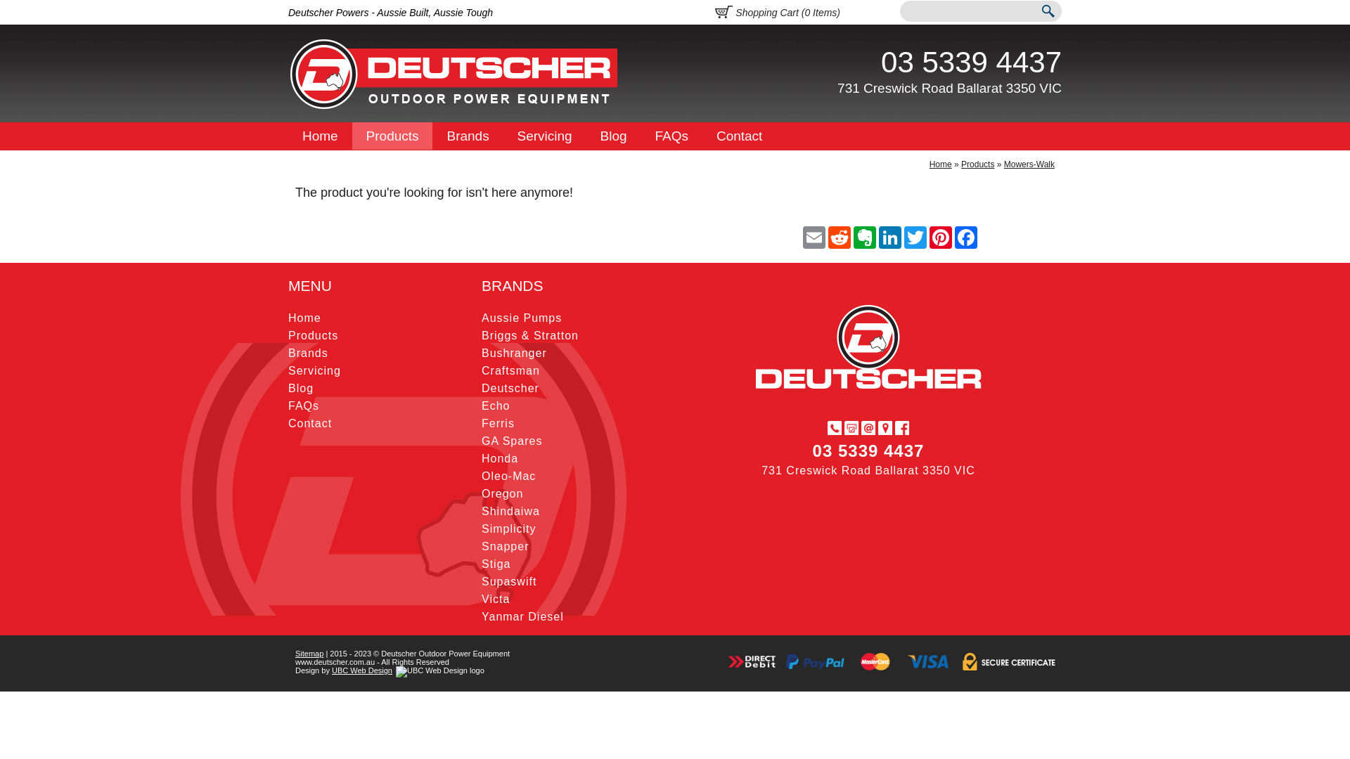  What do you see at coordinates (877, 237) in the screenshot?
I see `'LinkedIn'` at bounding box center [877, 237].